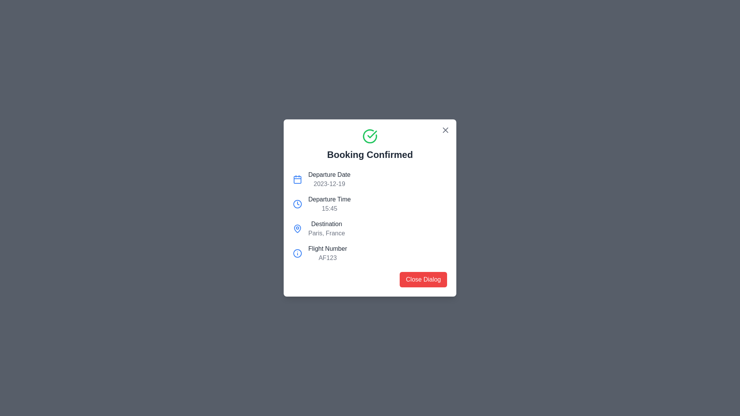  What do you see at coordinates (326, 224) in the screenshot?
I see `the Text label element located beneath the 'Departure Time' label and above 'Paris, France'` at bounding box center [326, 224].